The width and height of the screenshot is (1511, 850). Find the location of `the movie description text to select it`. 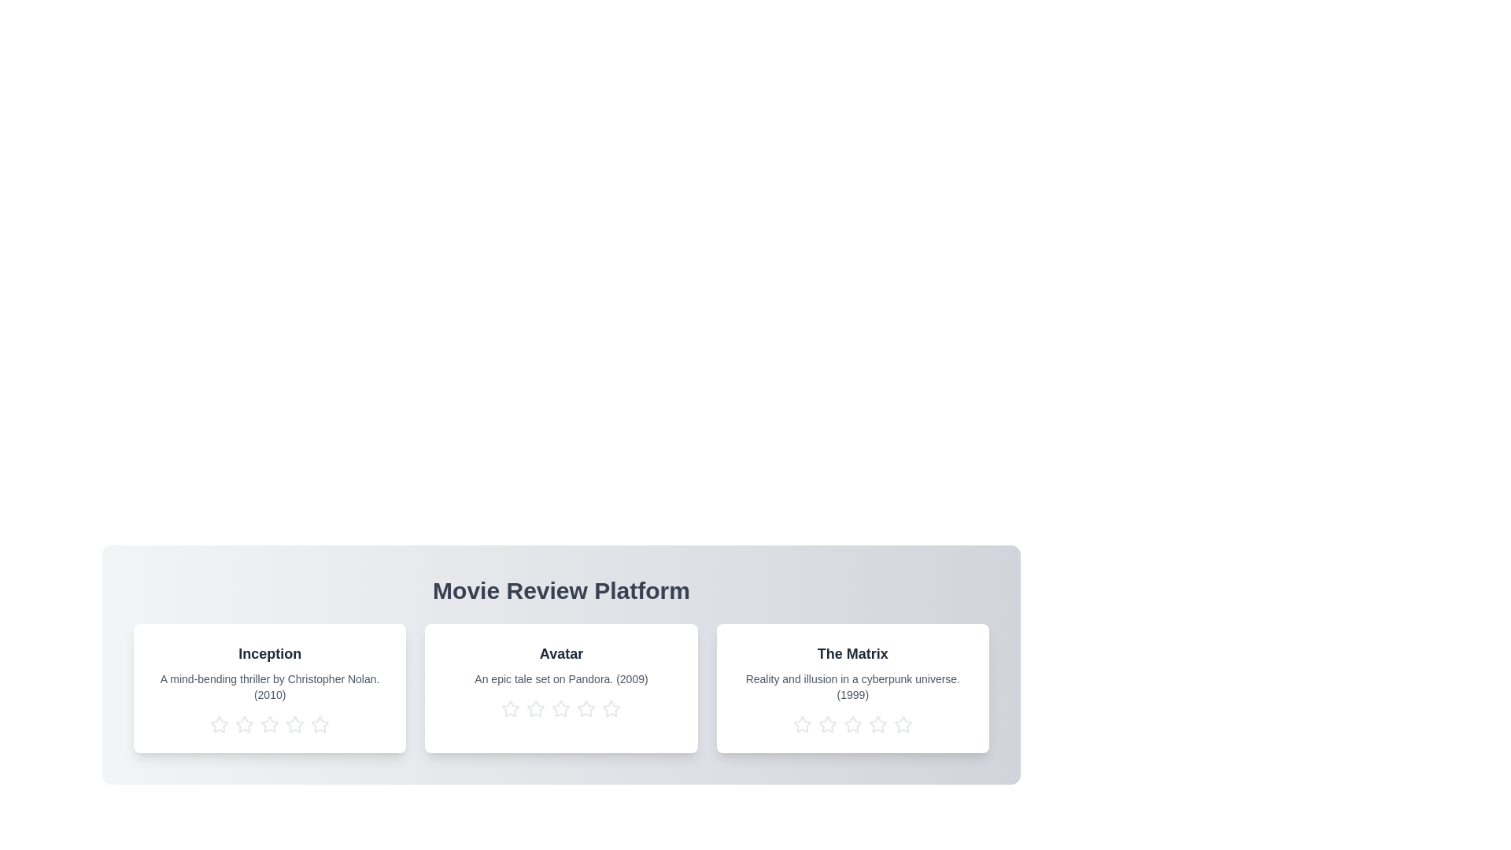

the movie description text to select it is located at coordinates (270, 686).